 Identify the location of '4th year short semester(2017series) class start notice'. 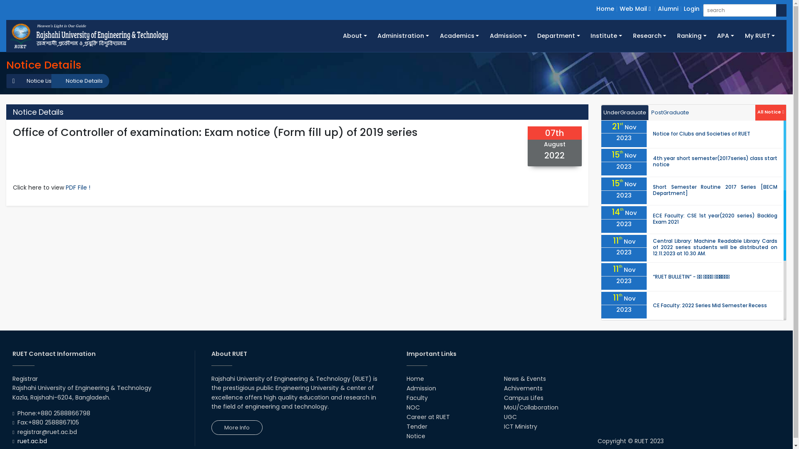
(715, 161).